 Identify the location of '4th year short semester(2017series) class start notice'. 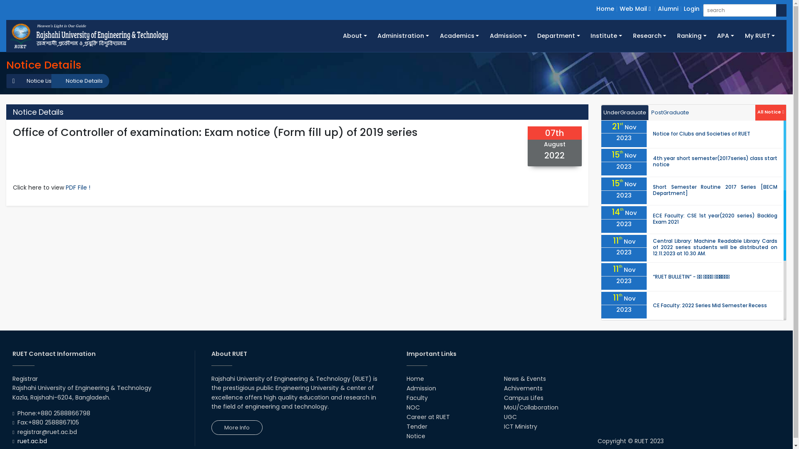
(715, 161).